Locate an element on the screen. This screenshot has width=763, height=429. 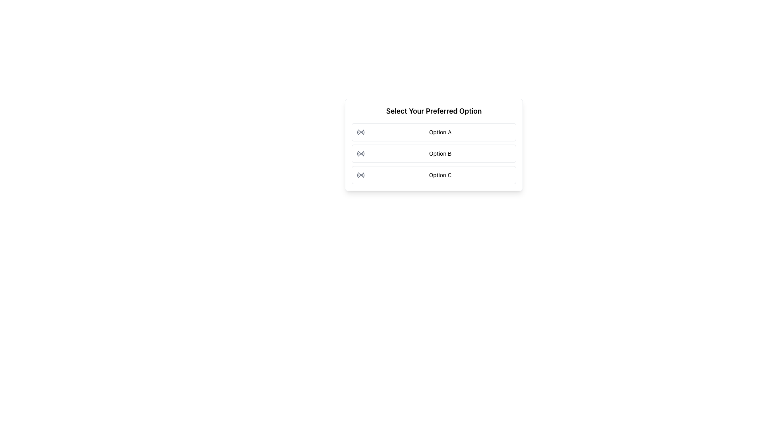
the 'Option B' text label is located at coordinates (440, 153).